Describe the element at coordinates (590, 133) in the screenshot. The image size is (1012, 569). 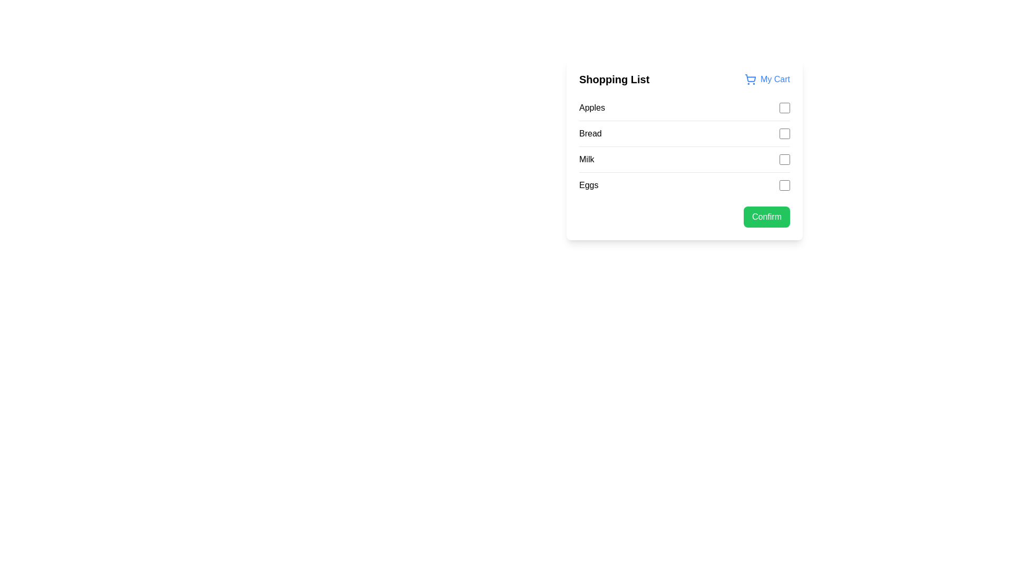
I see `the static text label that indicates the corresponding checkbox for an item in the shopping list` at that location.